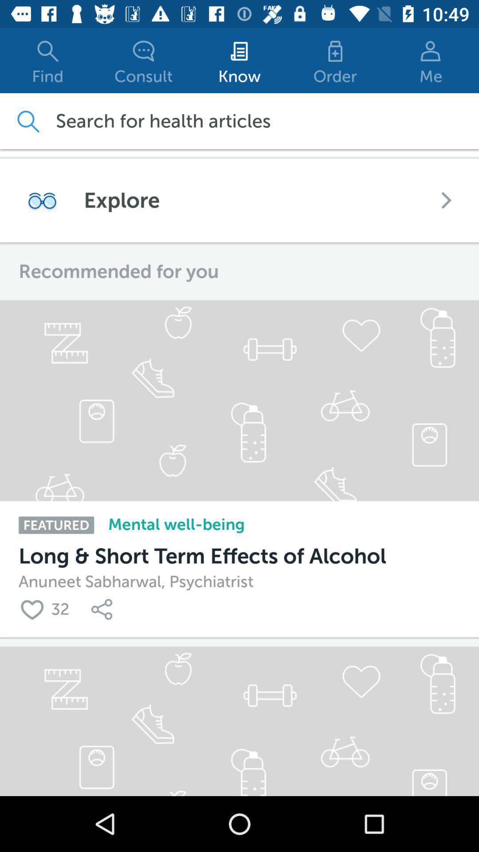  I want to click on share the article, so click(103, 609).